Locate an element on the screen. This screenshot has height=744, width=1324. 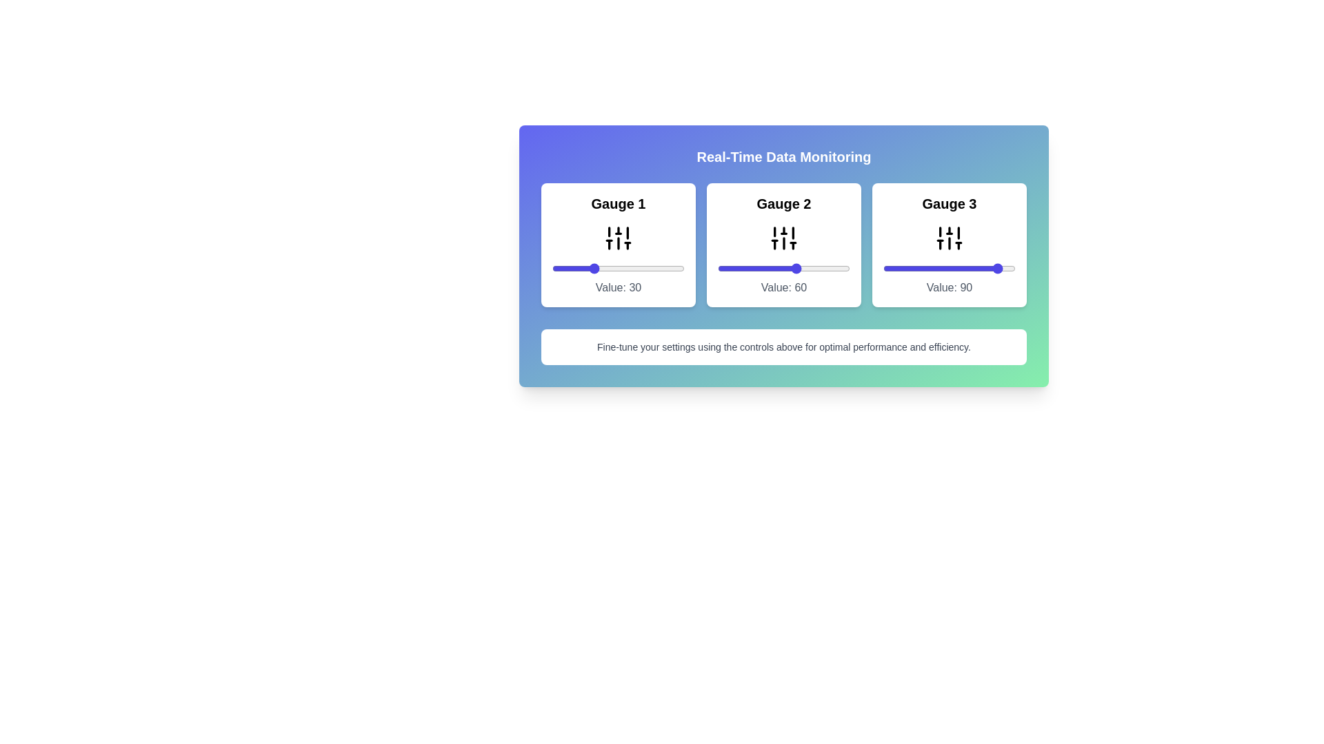
the static text label displaying 'Value: 90' located at the bottom of the card labeled 'Gauge 3', which is positioned directly underneath the slider control is located at coordinates (949, 287).